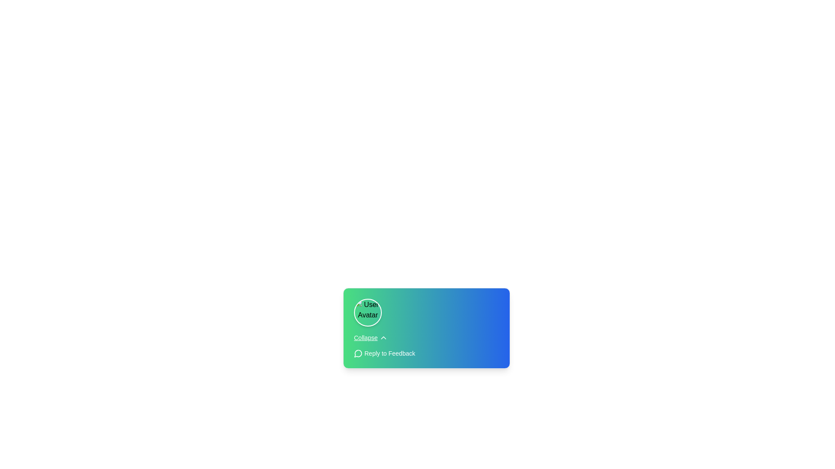 The height and width of the screenshot is (469, 835). I want to click on the circular message bubble icon located to the left of the text 'Reply to Feedback', so click(358, 353).